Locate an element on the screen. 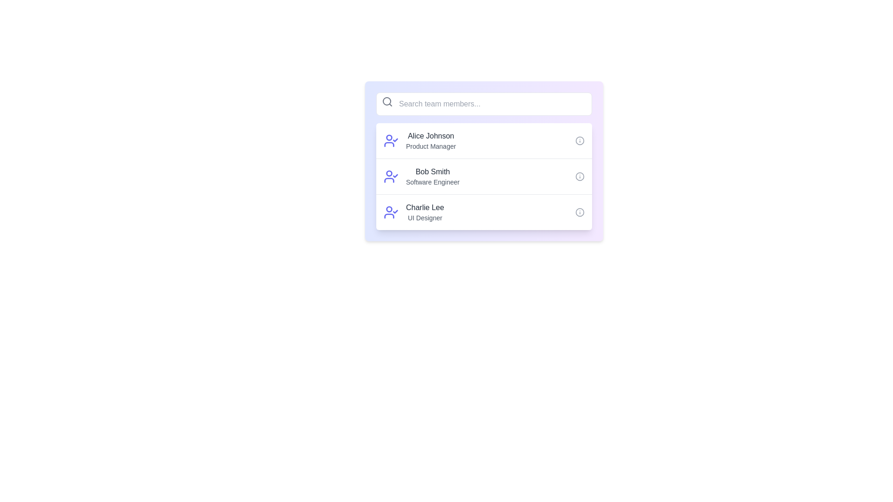  the informational icon located at the far-right of the list item for 'Bob Smith', aligned with 'Software Engineer' is located at coordinates (580, 177).